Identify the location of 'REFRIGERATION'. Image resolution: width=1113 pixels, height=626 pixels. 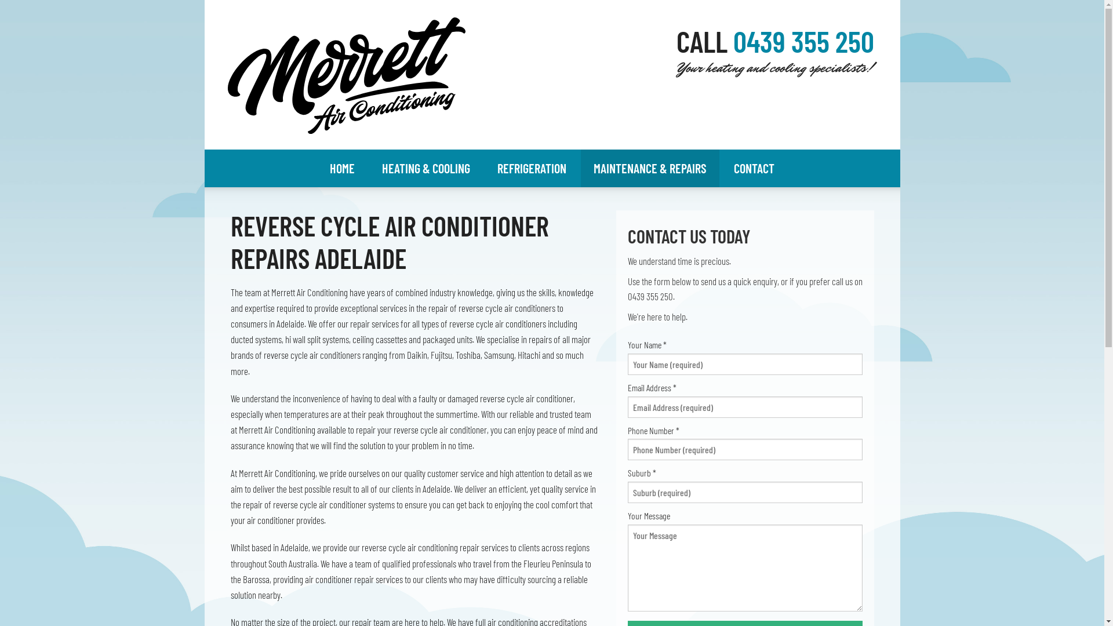
(531, 168).